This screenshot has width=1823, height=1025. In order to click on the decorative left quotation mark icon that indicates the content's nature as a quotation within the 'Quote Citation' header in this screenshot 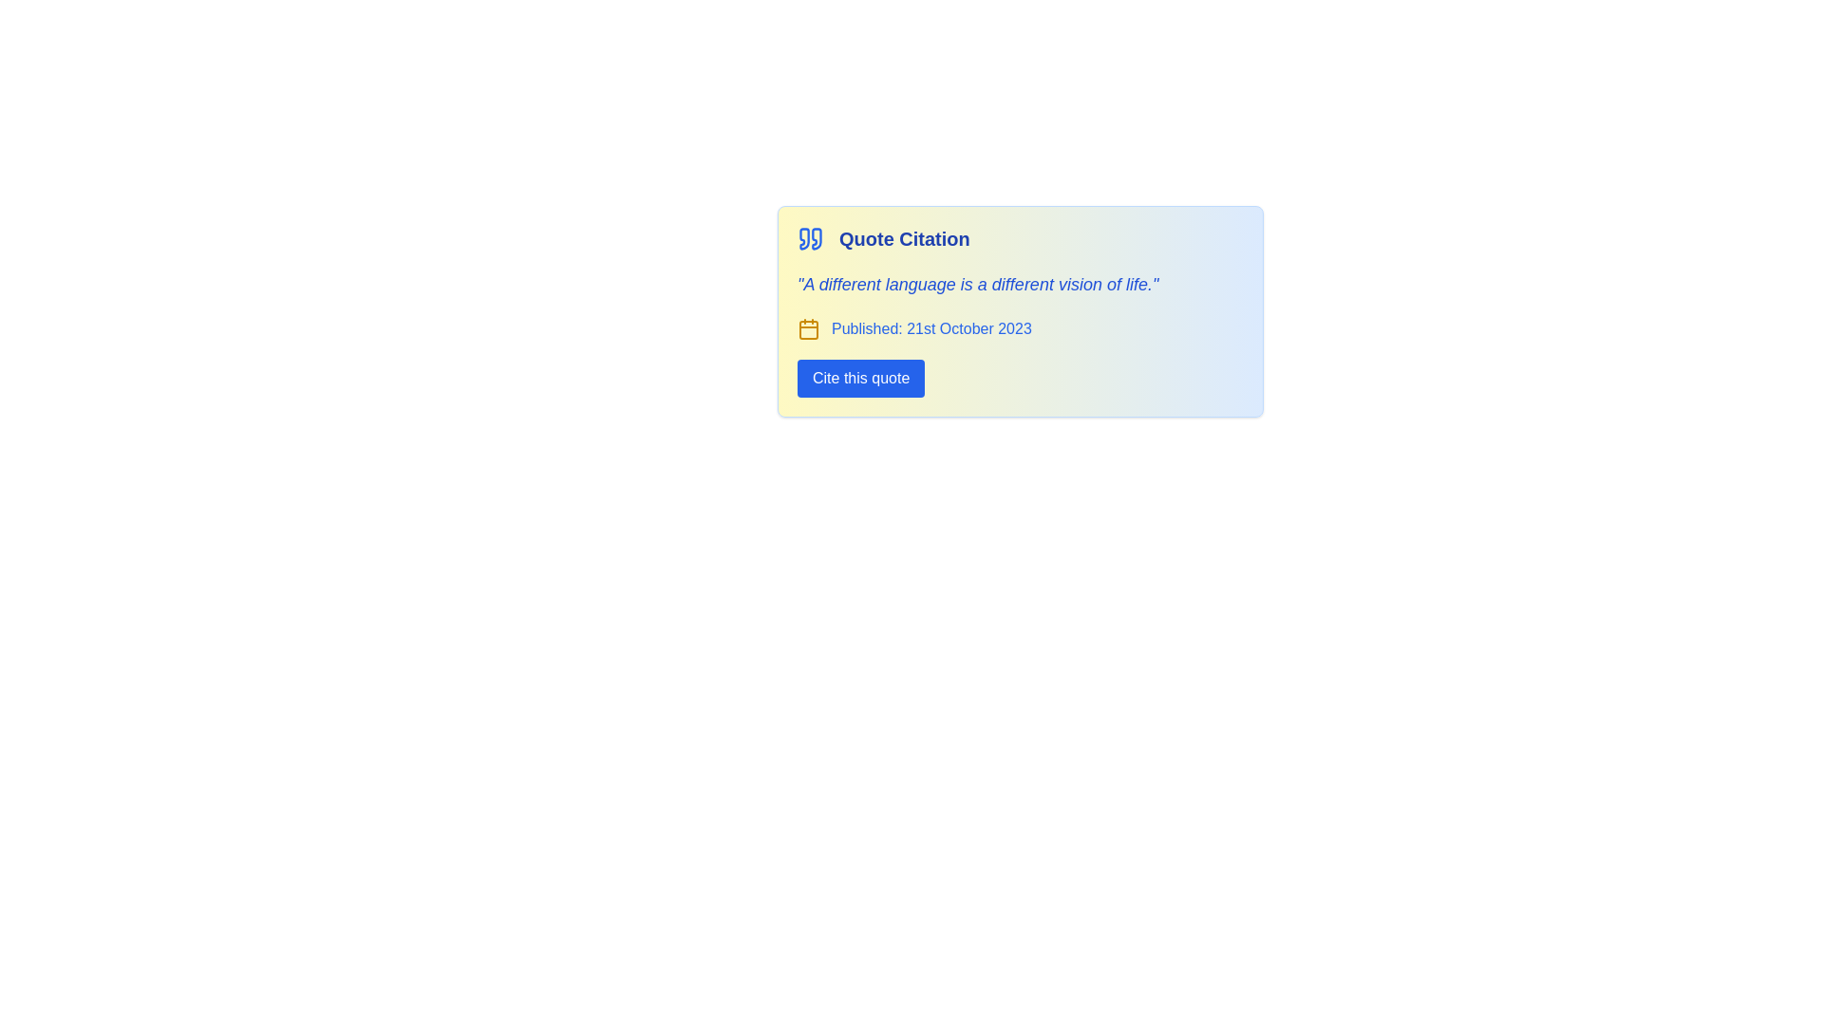, I will do `click(804, 237)`.